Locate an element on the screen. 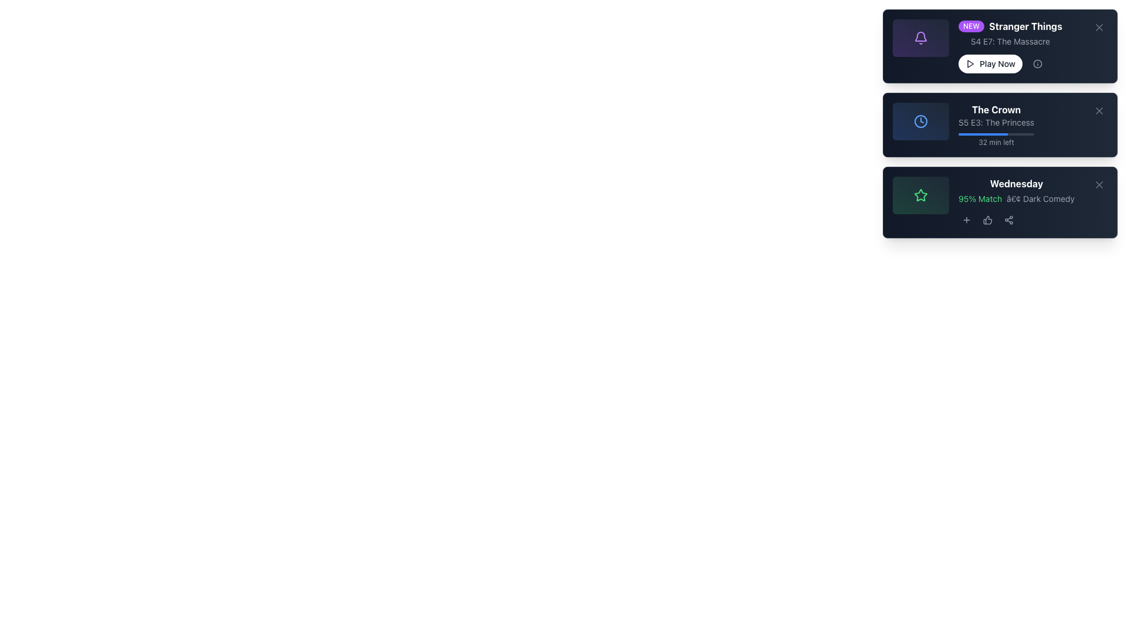  the text field displaying 'S4 E7: The Massacre' which is located beneath the bold white text 'Stranger Things' is located at coordinates (1010, 41).